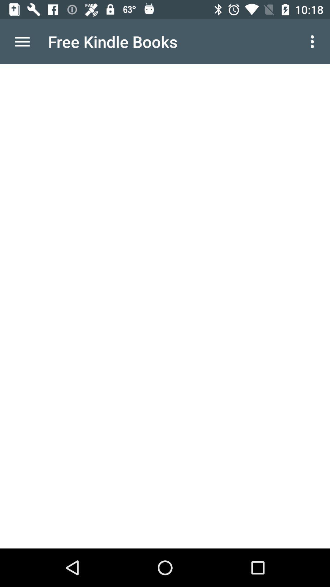 Image resolution: width=330 pixels, height=587 pixels. I want to click on the item at the top left corner, so click(22, 41).